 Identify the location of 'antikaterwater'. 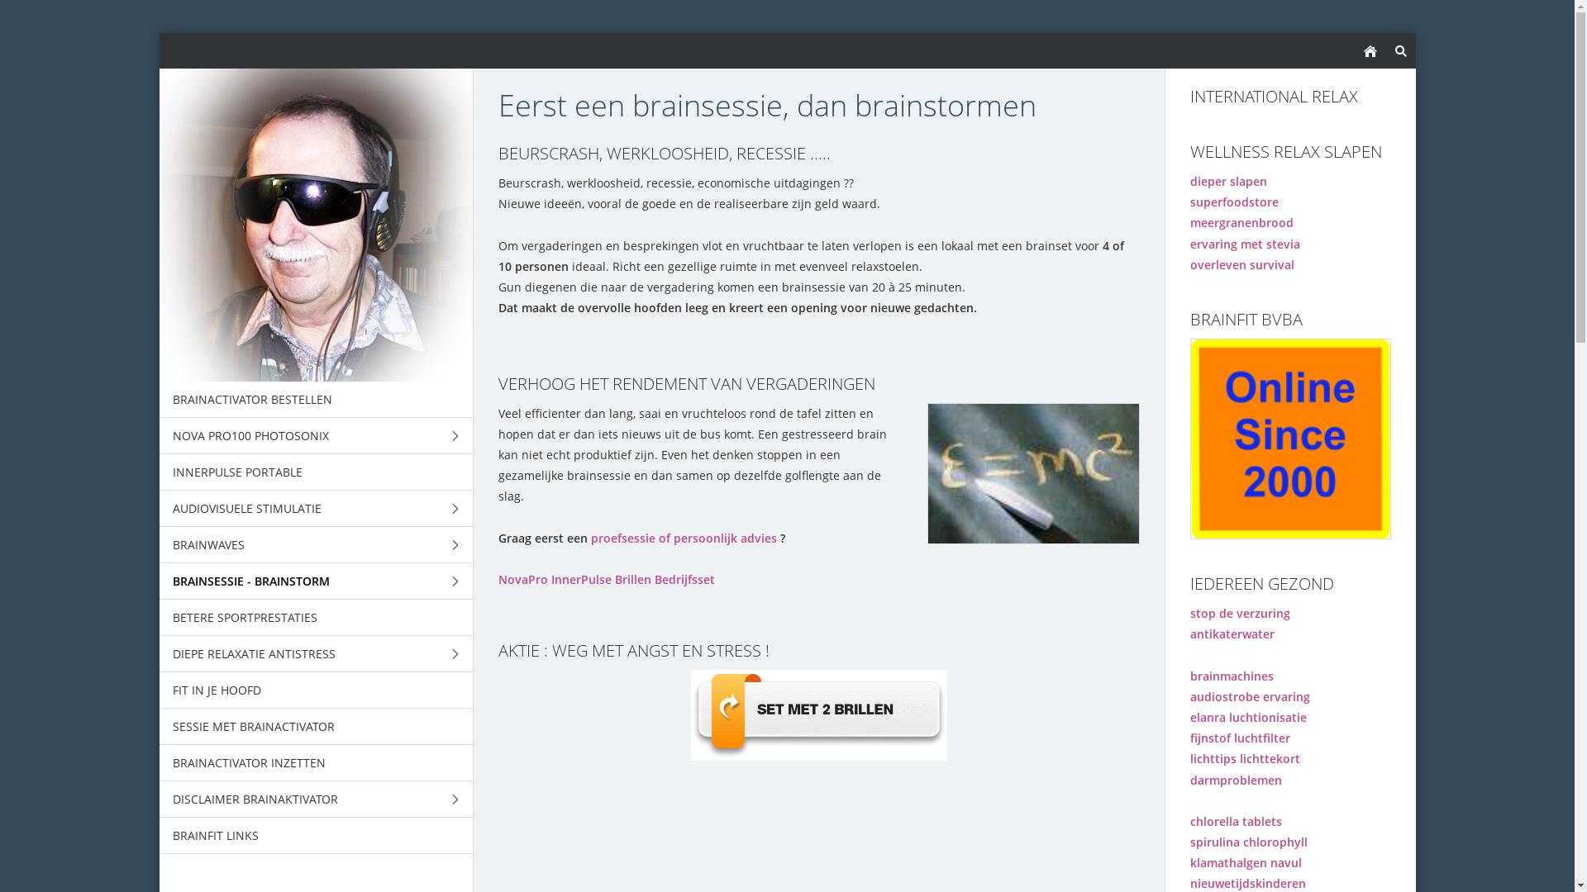
(1190, 633).